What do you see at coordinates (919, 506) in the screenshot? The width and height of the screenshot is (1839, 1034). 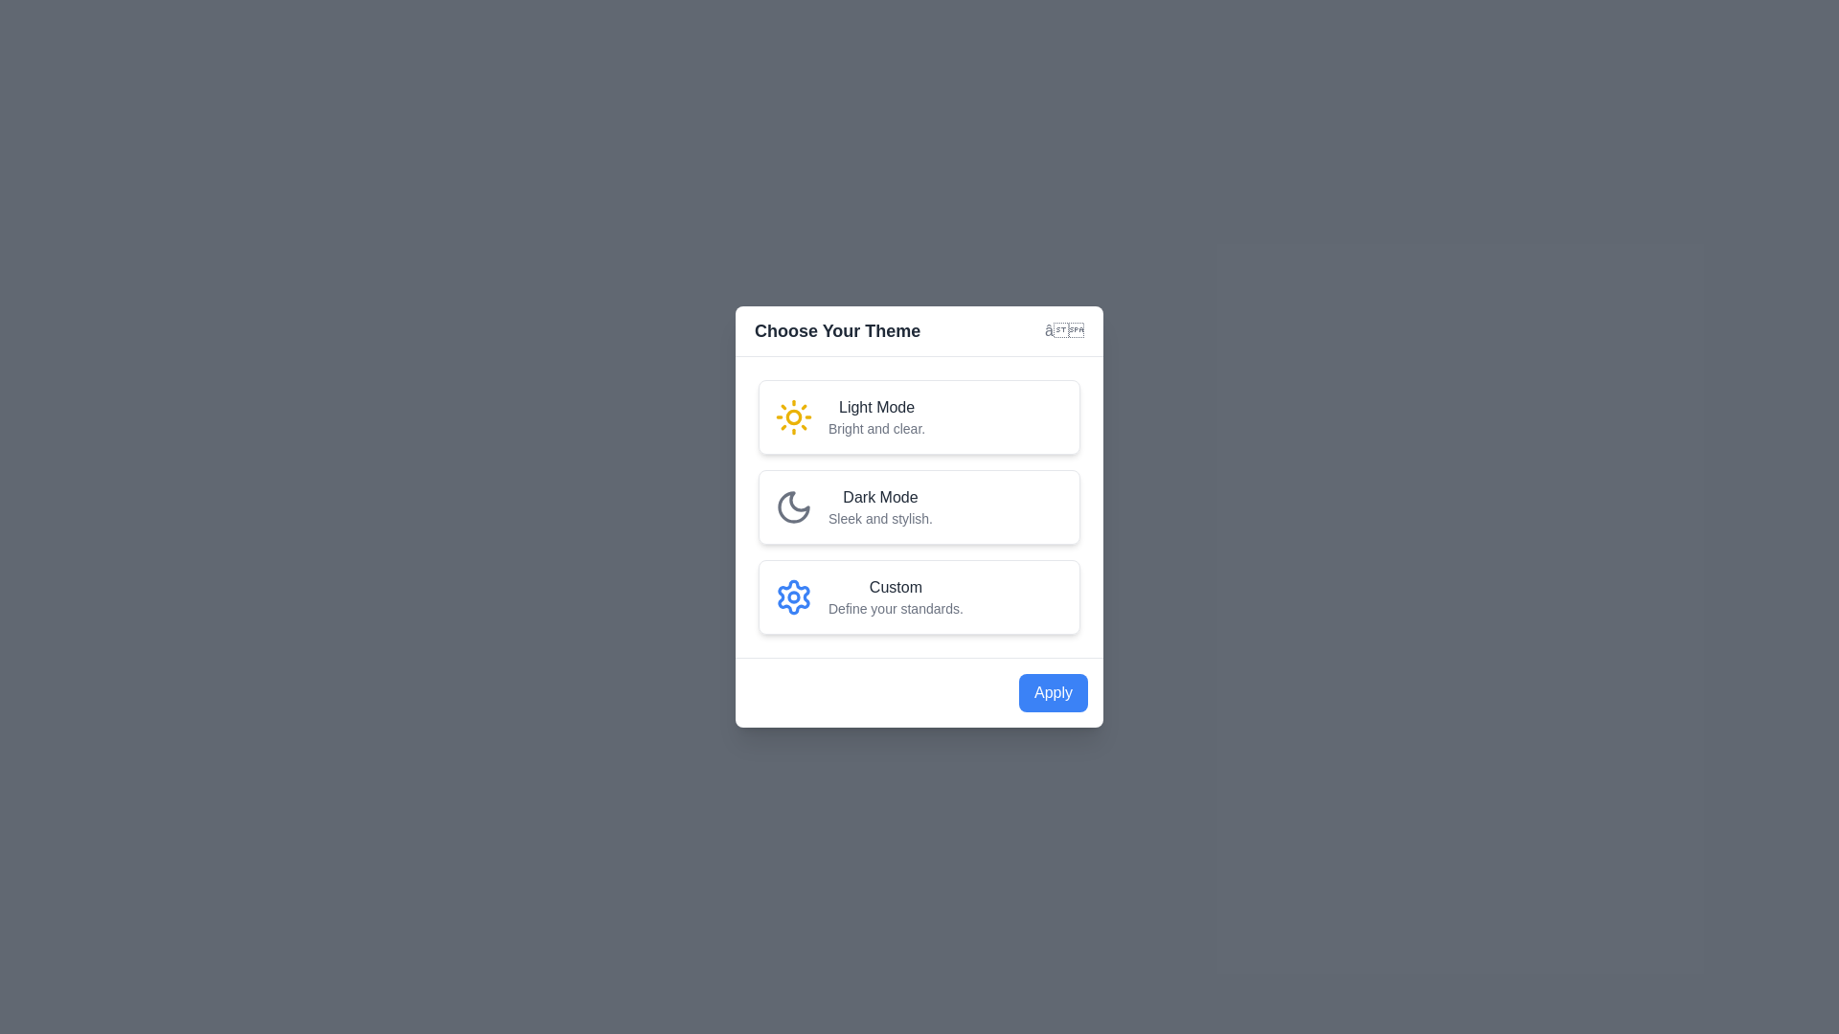 I see `the theme card for Dark Mode theme` at bounding box center [919, 506].